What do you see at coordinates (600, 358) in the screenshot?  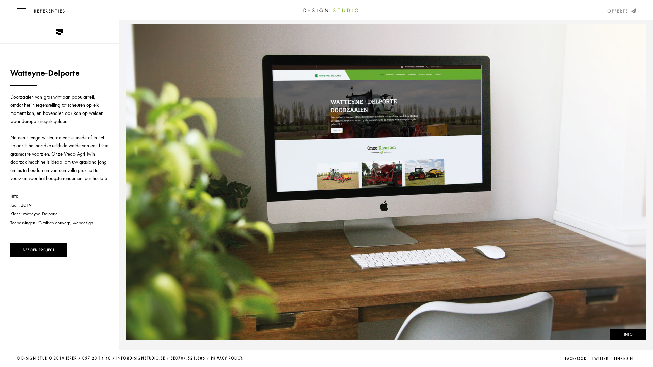 I see `'TWITTER'` at bounding box center [600, 358].